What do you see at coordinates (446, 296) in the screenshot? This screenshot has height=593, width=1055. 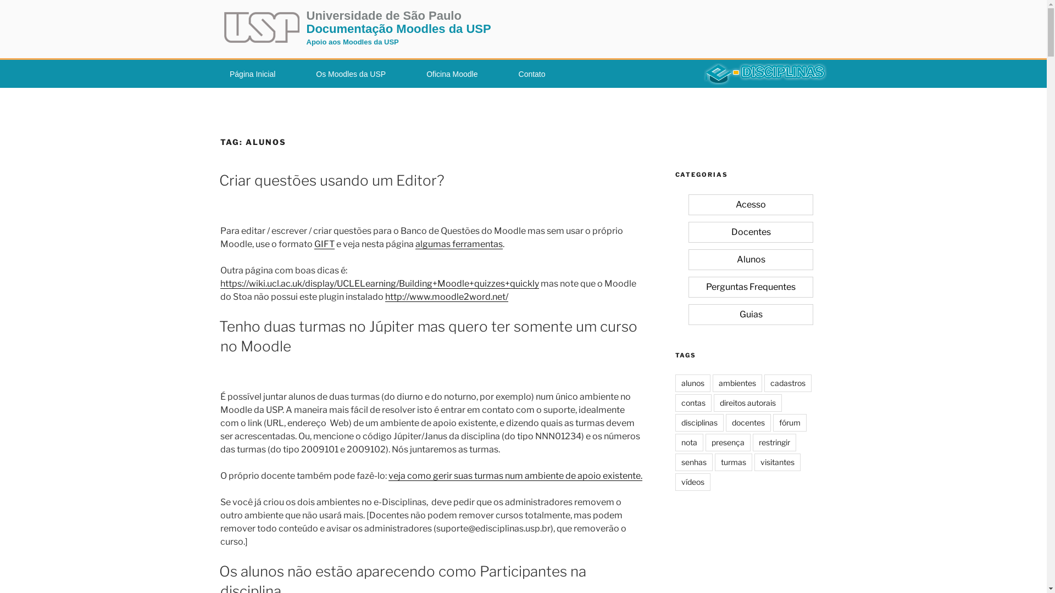 I see `'http://www.moodle2word.net/'` at bounding box center [446, 296].